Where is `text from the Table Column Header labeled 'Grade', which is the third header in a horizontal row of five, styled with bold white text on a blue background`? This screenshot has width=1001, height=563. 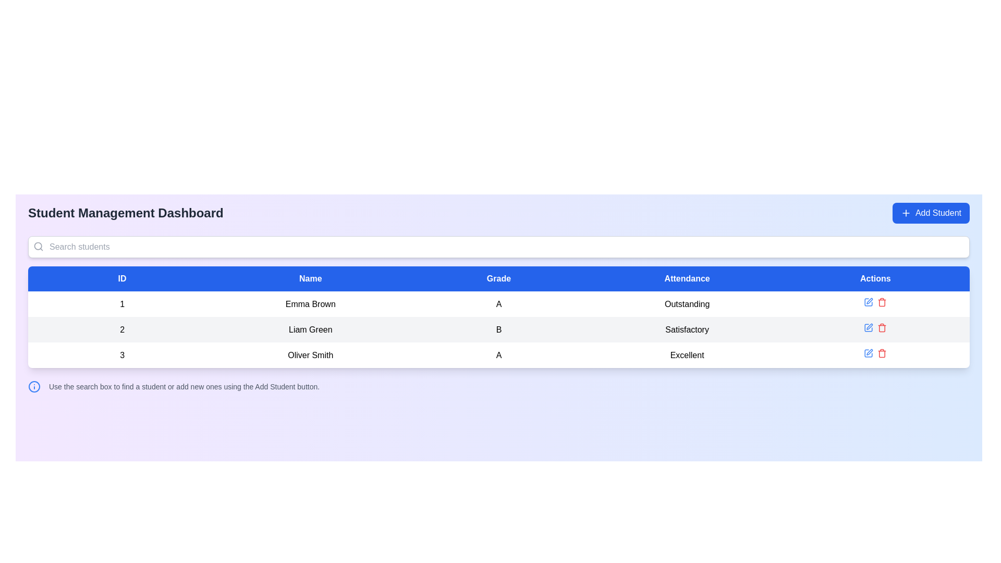 text from the Table Column Header labeled 'Grade', which is the third header in a horizontal row of five, styled with bold white text on a blue background is located at coordinates (498, 278).